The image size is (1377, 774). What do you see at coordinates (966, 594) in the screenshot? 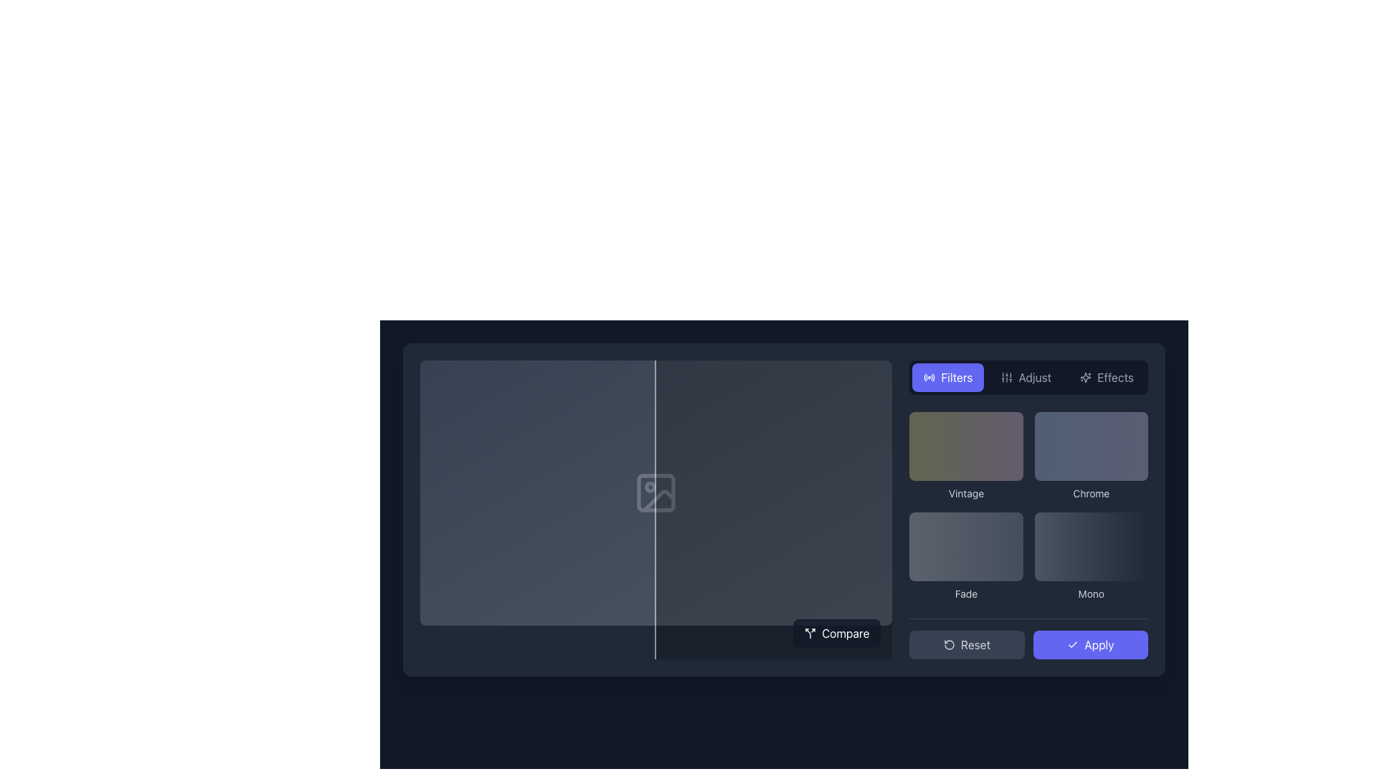
I see `the text label displaying 'Fade', which is styled in a small, centered font and located beneath the 'Mono' interactive area in the right-side column` at bounding box center [966, 594].